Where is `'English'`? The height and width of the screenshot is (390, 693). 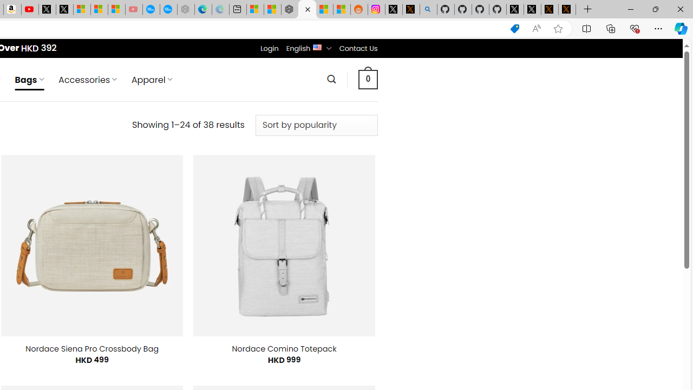 'English' is located at coordinates (317, 46).